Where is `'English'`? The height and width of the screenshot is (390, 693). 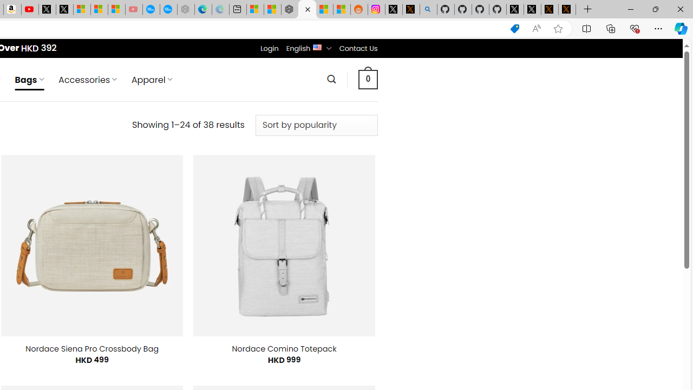 'English' is located at coordinates (317, 46).